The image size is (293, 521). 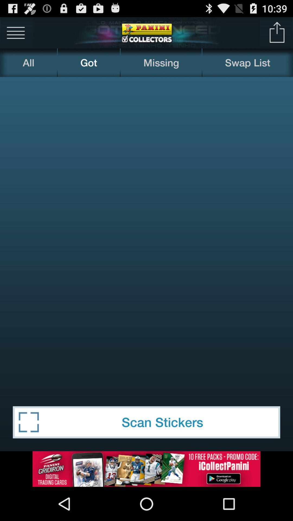 What do you see at coordinates (28, 62) in the screenshot?
I see `all` at bounding box center [28, 62].